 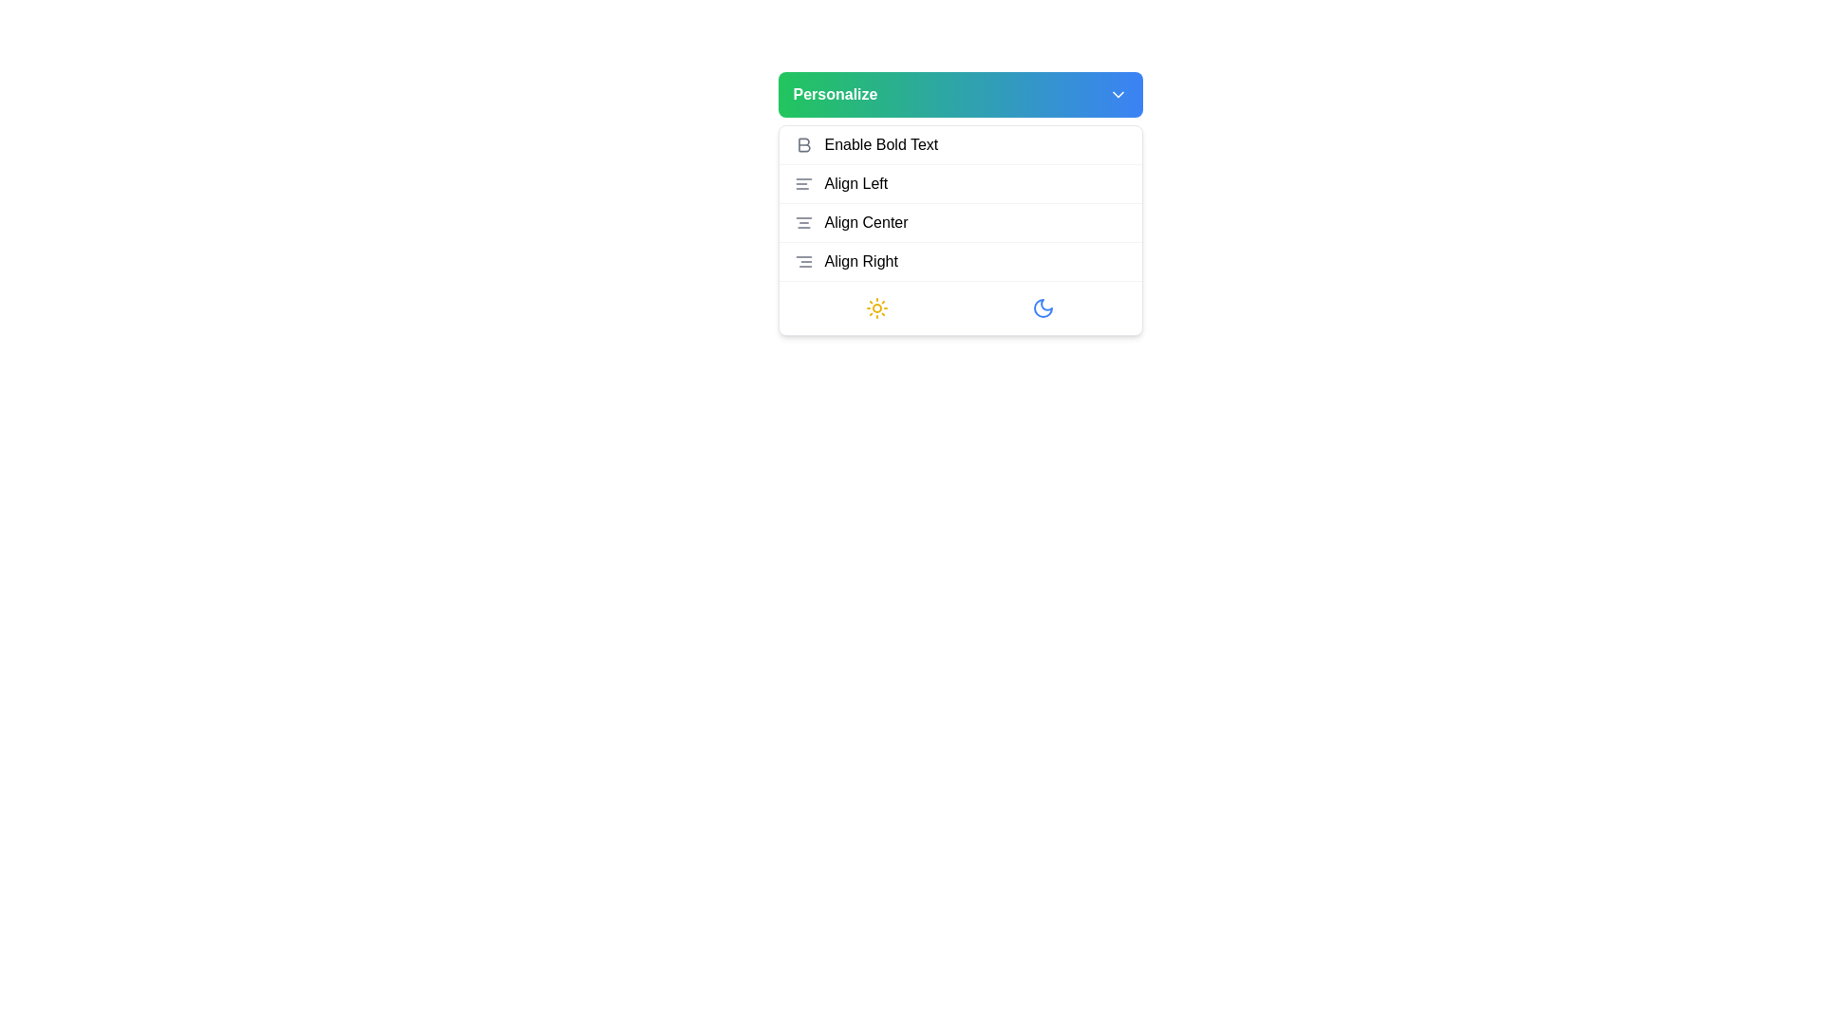 I want to click on the Dropdown Button labeled 'Personalize' for keyboard interaction, so click(x=960, y=95).